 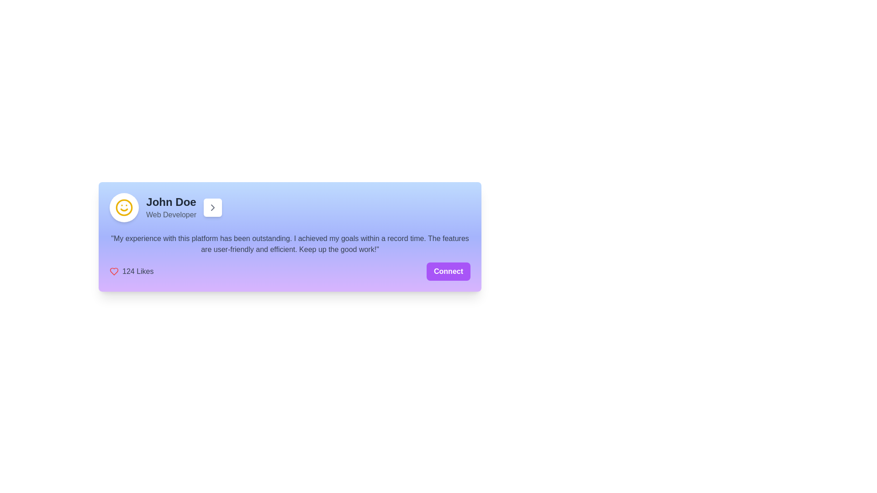 What do you see at coordinates (171, 202) in the screenshot?
I see `the text label displaying 'John Doe', which is styled in gray, larger, and bold font at the top left of a card-like section` at bounding box center [171, 202].